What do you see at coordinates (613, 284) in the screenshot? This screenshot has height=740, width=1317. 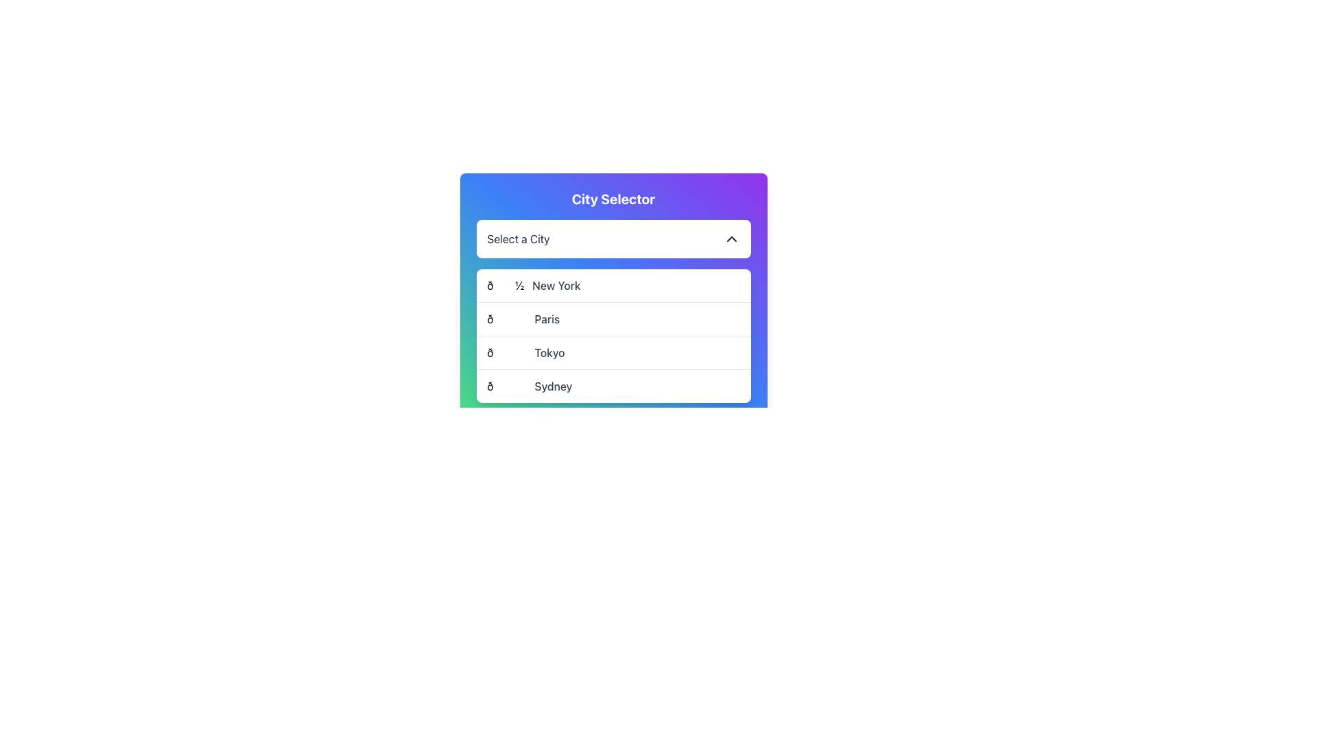 I see `the 'New York' city option in the dropdown menu` at bounding box center [613, 284].